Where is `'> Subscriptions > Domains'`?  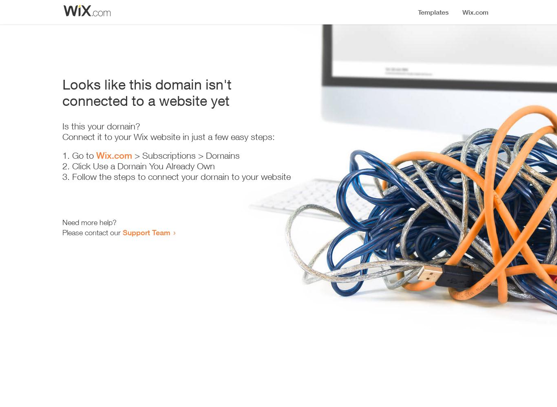
'> Subscriptions > Domains' is located at coordinates (185, 155).